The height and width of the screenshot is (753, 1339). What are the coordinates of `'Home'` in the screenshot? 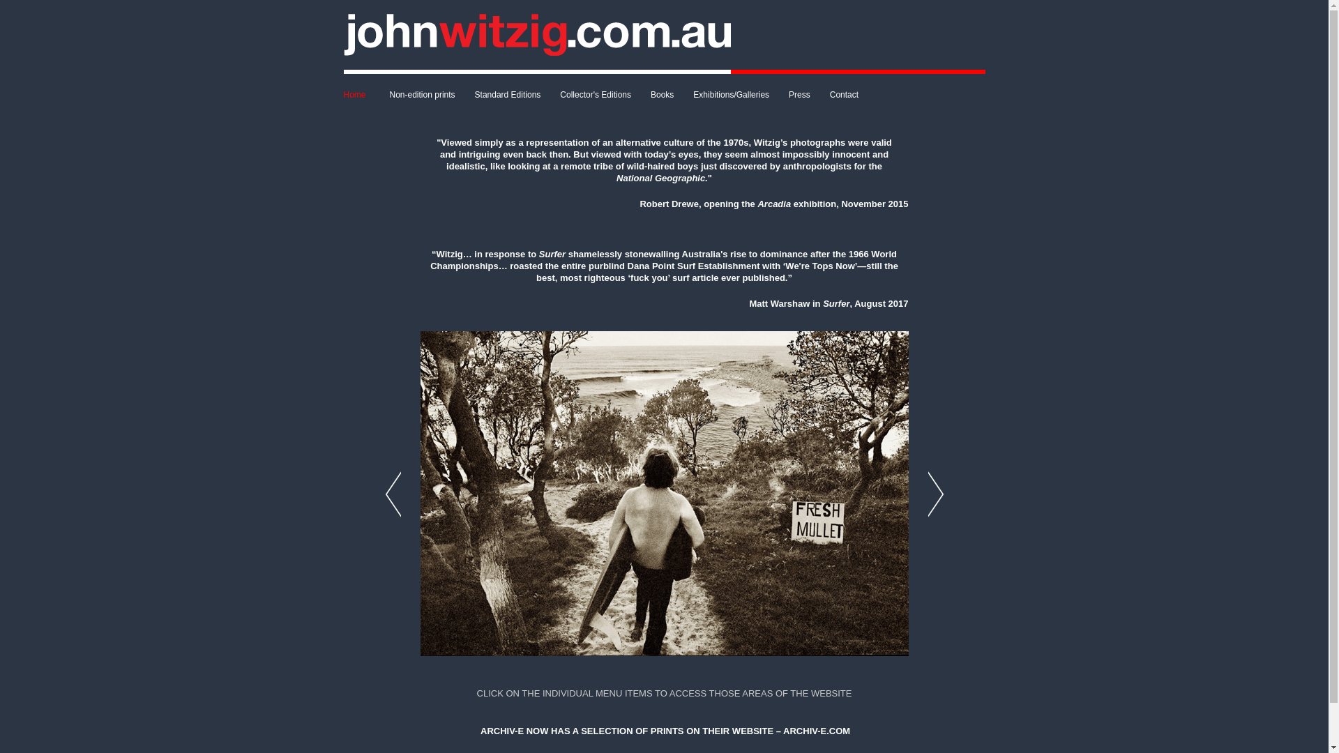 It's located at (361, 94).